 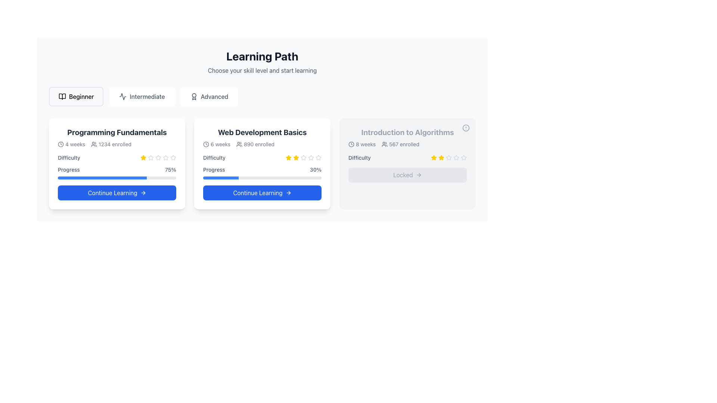 What do you see at coordinates (404, 144) in the screenshot?
I see `enrollment information from the static text located in the third card titled 'Introduction to Algorithms', which is positioned below the card title and duration details` at bounding box center [404, 144].